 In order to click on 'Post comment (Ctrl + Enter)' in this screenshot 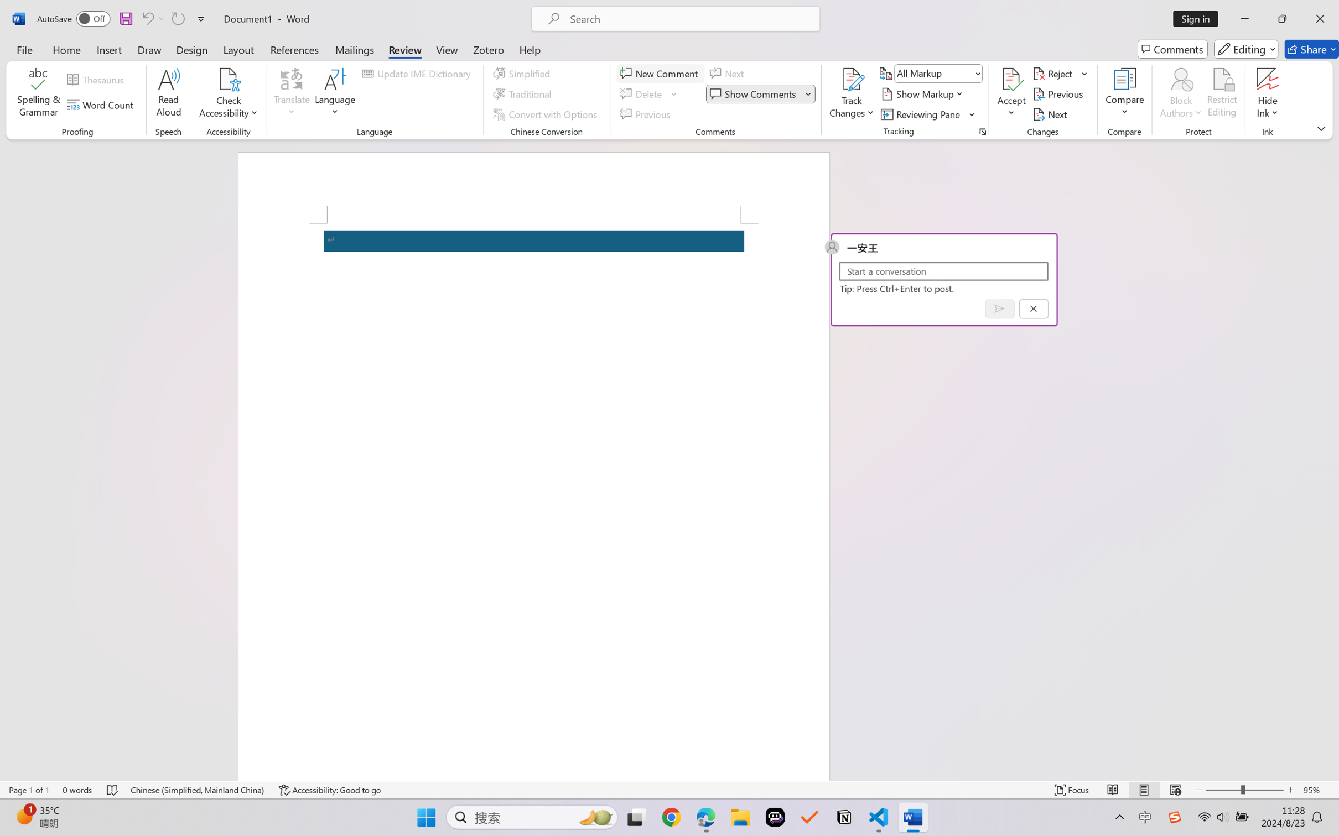, I will do `click(999, 309)`.